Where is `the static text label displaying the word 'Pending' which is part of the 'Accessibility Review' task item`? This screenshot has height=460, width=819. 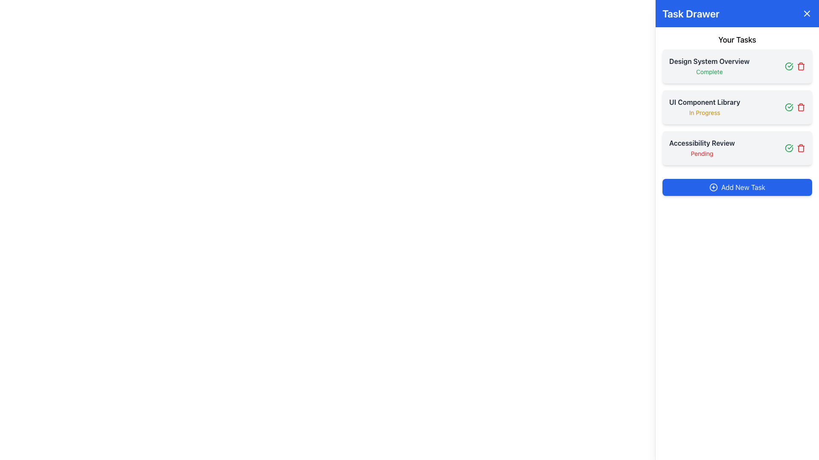 the static text label displaying the word 'Pending' which is part of the 'Accessibility Review' task item is located at coordinates (702, 153).